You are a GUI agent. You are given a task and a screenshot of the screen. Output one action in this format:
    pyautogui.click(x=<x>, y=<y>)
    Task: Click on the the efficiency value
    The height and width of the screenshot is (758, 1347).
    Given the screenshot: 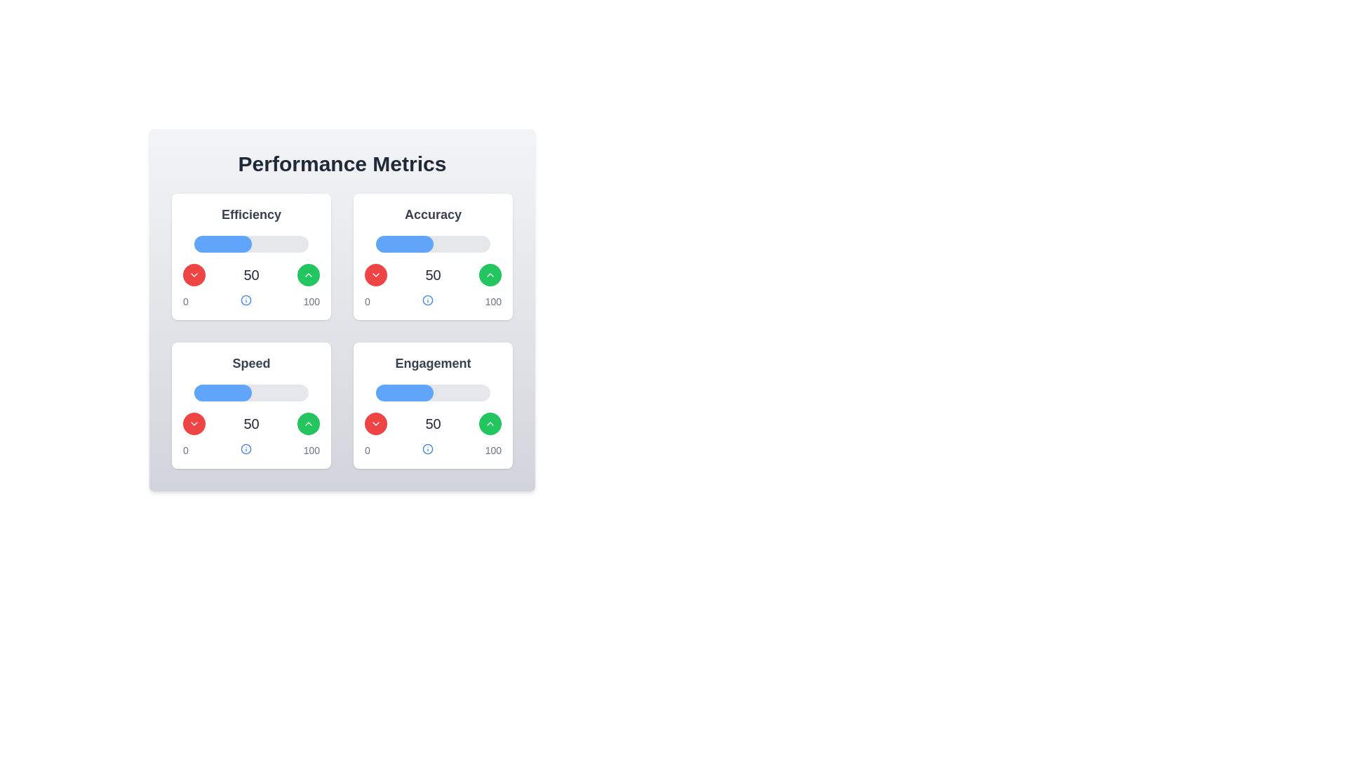 What is the action you would take?
    pyautogui.click(x=281, y=243)
    